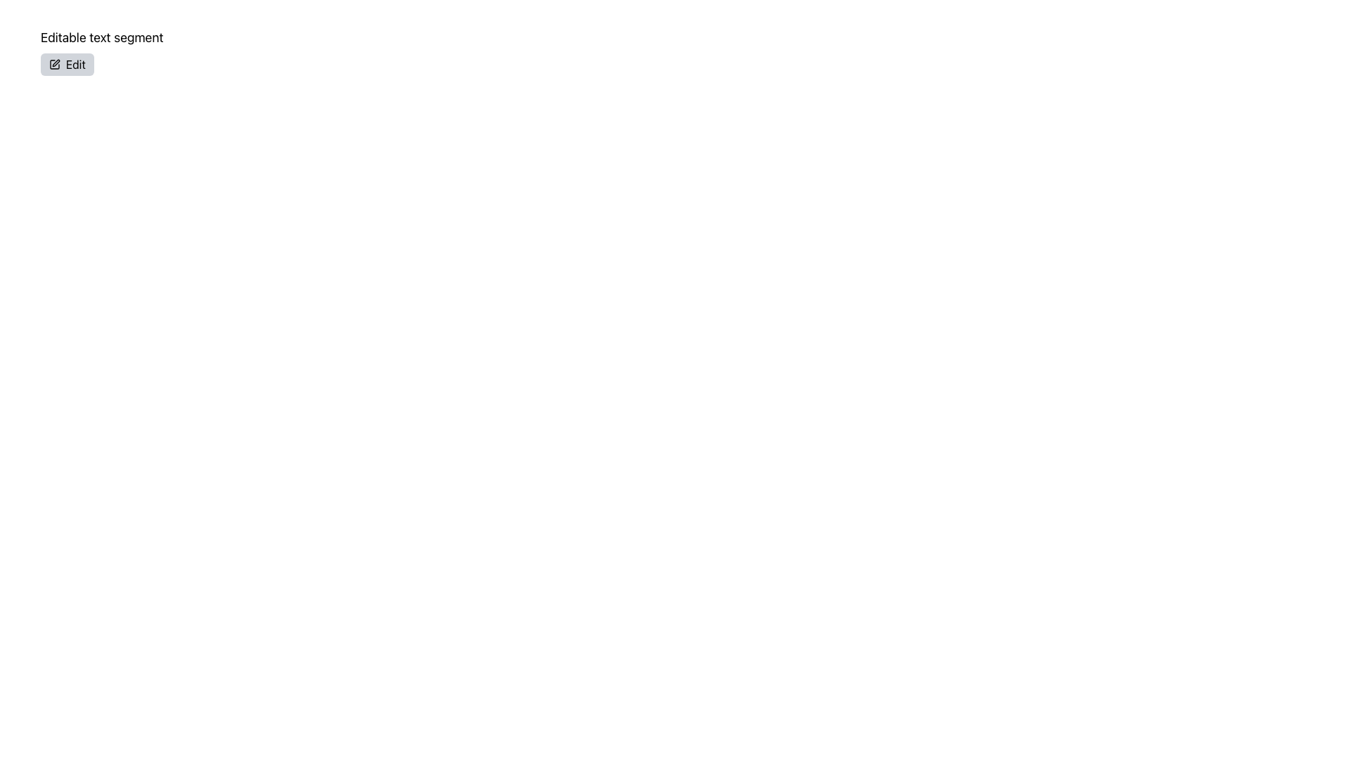 Image resolution: width=1350 pixels, height=759 pixels. What do you see at coordinates (54, 65) in the screenshot?
I see `the small pen icon with a black outline located to the left of the 'Edit' button, positioned below the 'Editable text segment'` at bounding box center [54, 65].